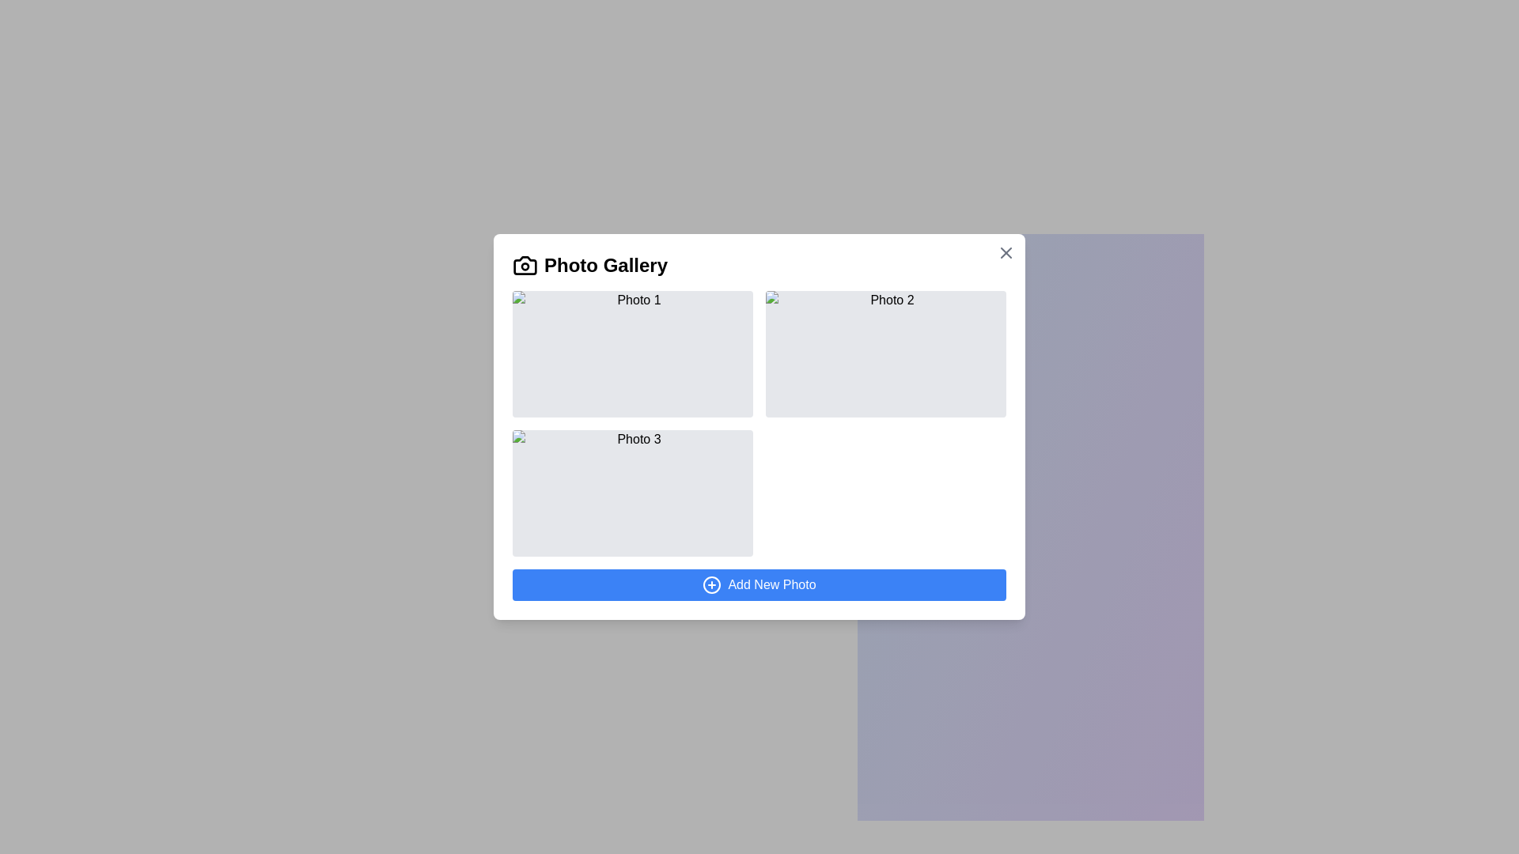  Describe the element at coordinates (525, 264) in the screenshot. I see `the camera icon located to the left of the 'Photo Gallery' text label in the header section` at that location.